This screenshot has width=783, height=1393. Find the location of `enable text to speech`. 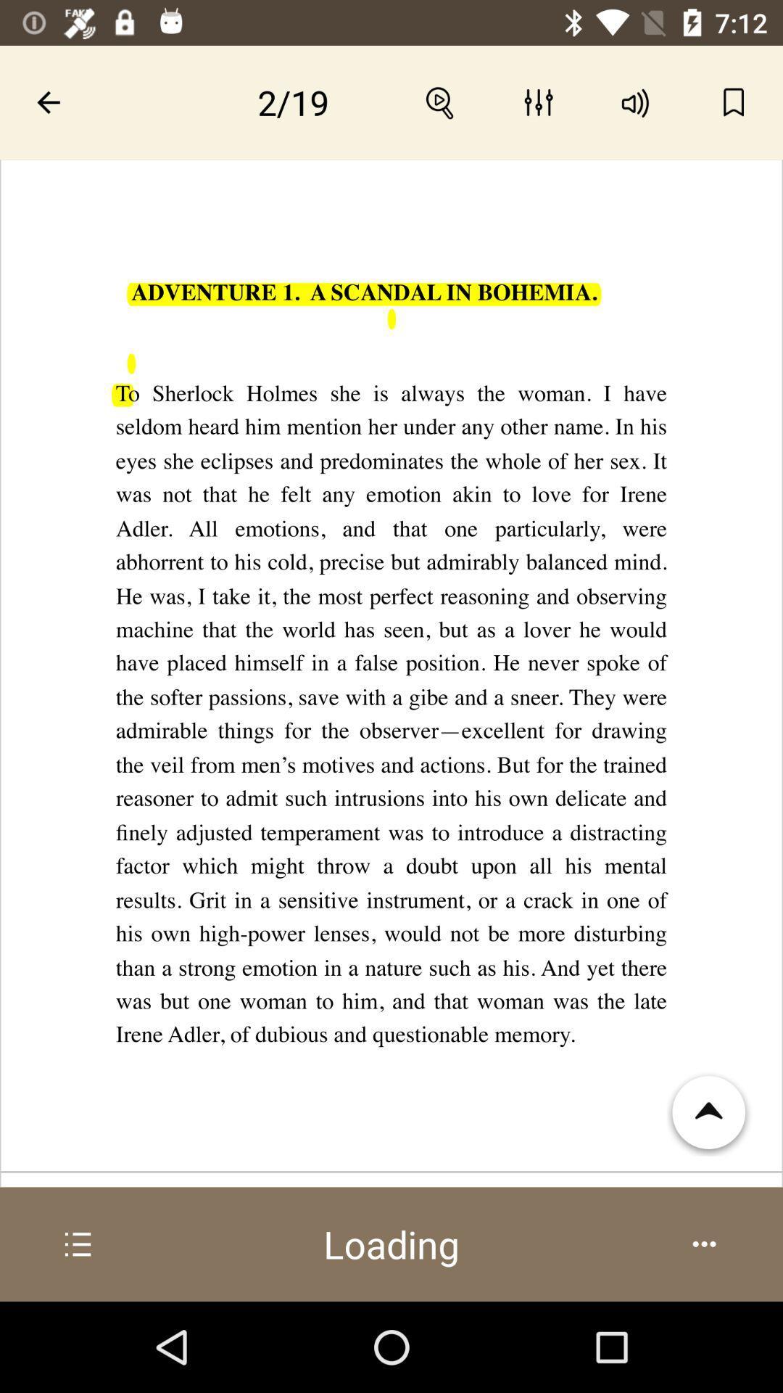

enable text to speech is located at coordinates (635, 102).